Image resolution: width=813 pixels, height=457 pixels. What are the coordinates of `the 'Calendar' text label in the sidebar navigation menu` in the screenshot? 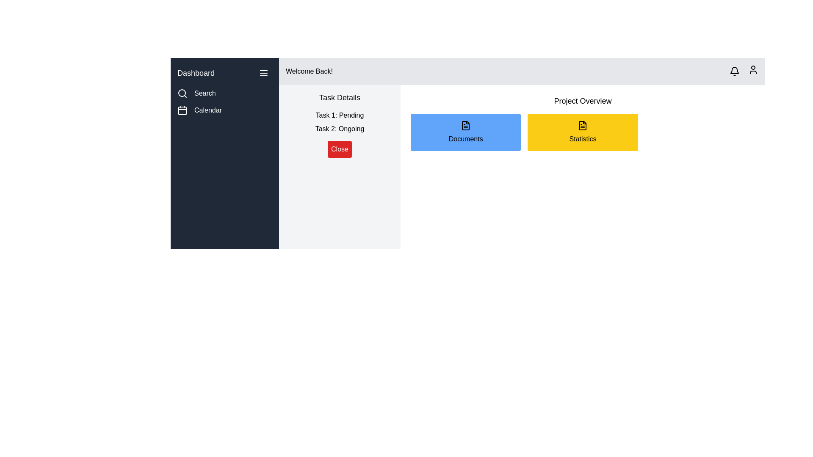 It's located at (208, 110).